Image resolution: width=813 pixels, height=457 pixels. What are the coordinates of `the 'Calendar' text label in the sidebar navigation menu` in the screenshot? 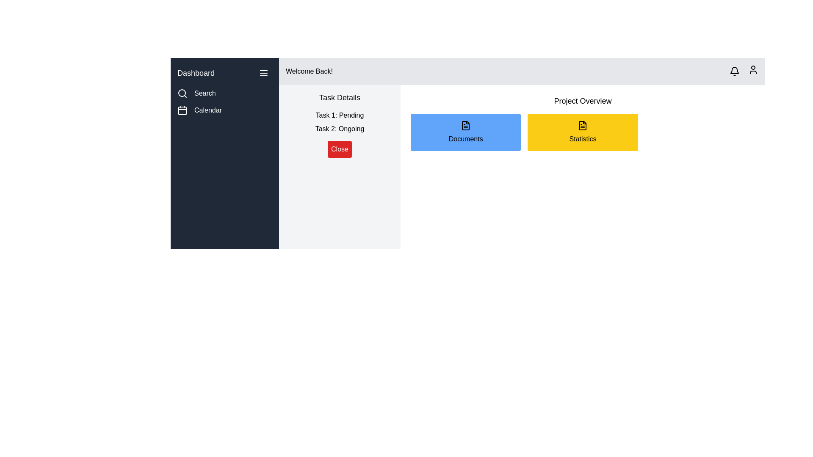 It's located at (208, 110).